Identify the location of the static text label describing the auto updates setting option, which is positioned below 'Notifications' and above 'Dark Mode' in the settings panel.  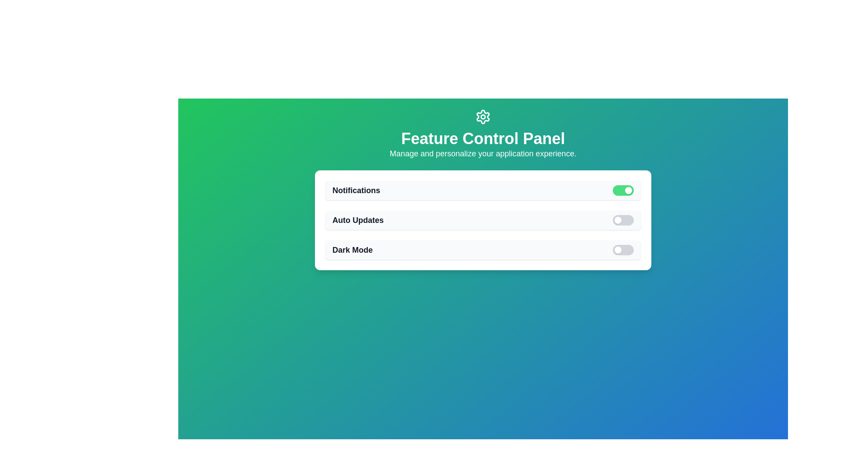
(358, 219).